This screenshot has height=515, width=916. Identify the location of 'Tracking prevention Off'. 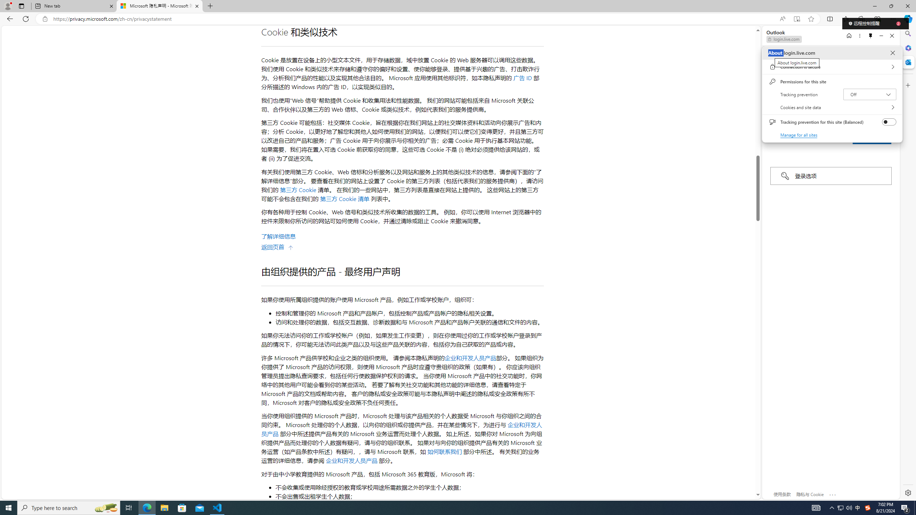
(870, 94).